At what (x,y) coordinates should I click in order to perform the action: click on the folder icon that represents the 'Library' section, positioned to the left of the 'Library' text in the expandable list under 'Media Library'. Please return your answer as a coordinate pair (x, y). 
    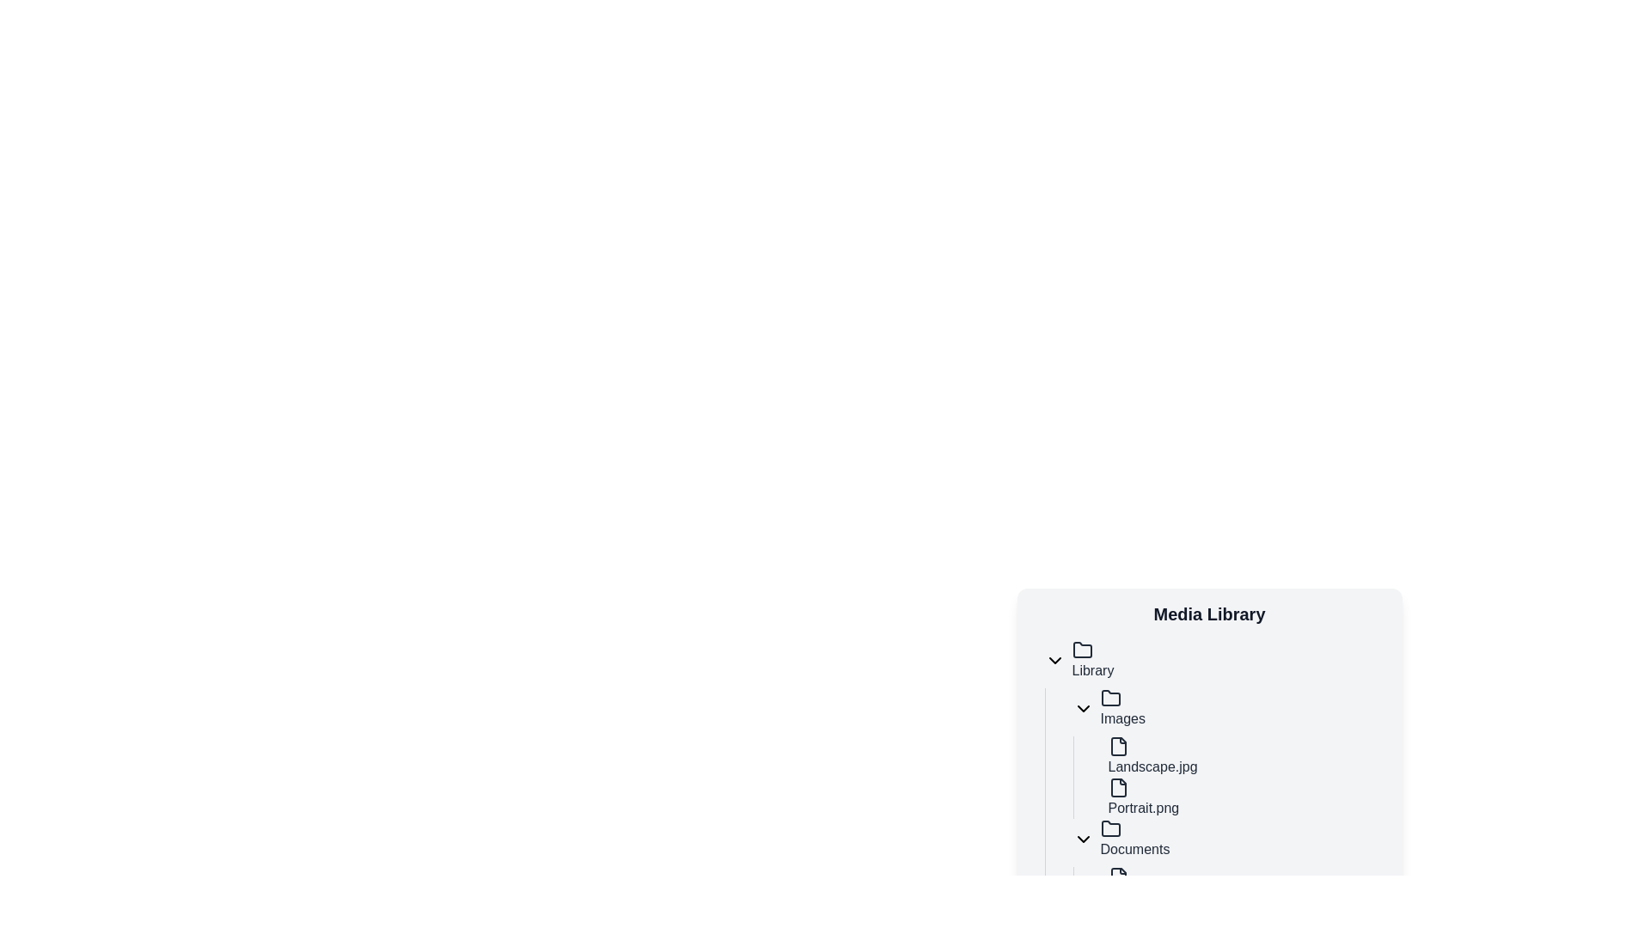
    Looking at the image, I should click on (1081, 650).